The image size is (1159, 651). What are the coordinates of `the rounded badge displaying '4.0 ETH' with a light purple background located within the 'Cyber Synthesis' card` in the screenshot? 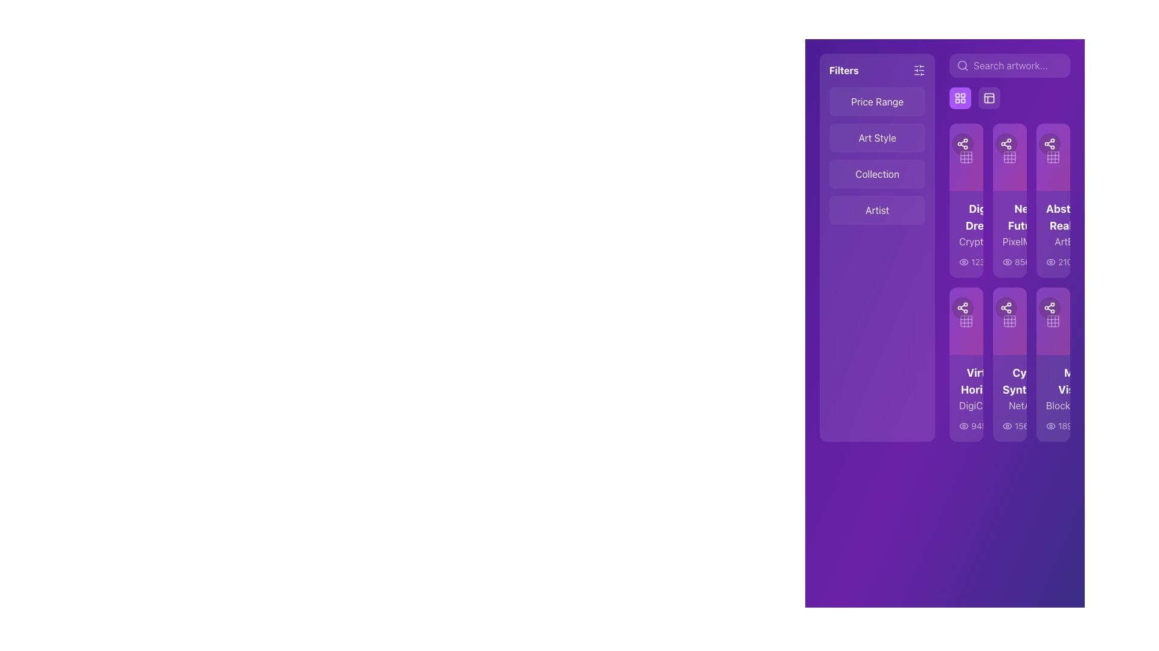 It's located at (1076, 381).